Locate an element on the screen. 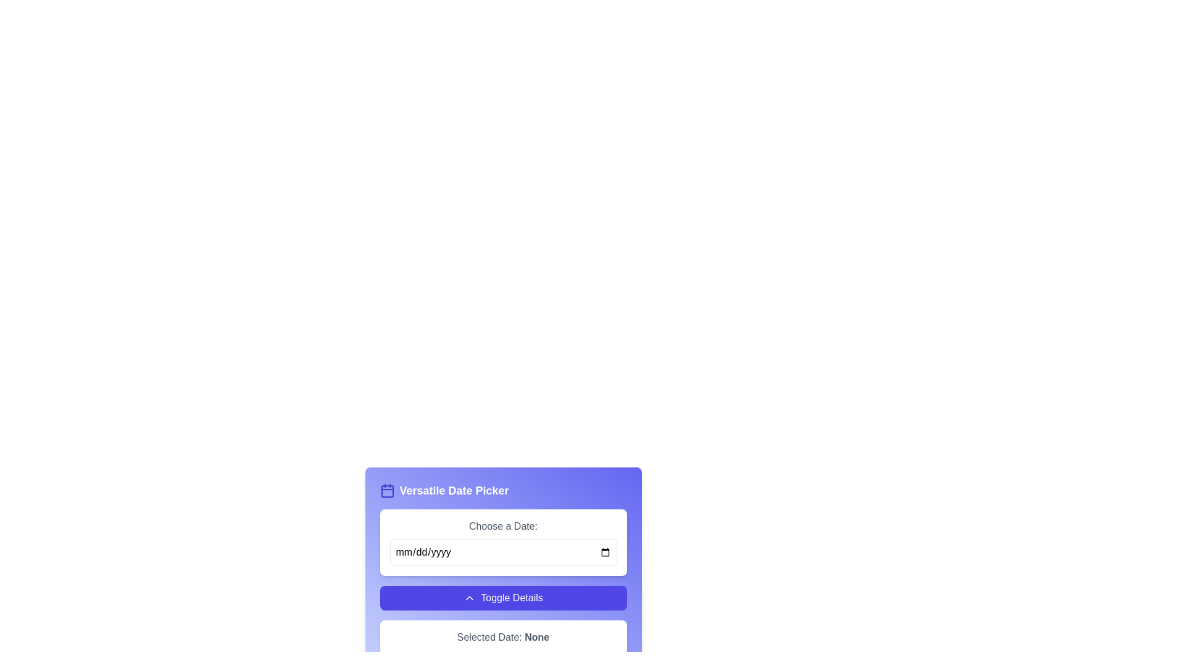 This screenshot has height=666, width=1185. text value displayed in the Text label representing the current date selection, located to the right of 'Selected Date:' under the 'Toggle Details' section is located at coordinates (537, 637).